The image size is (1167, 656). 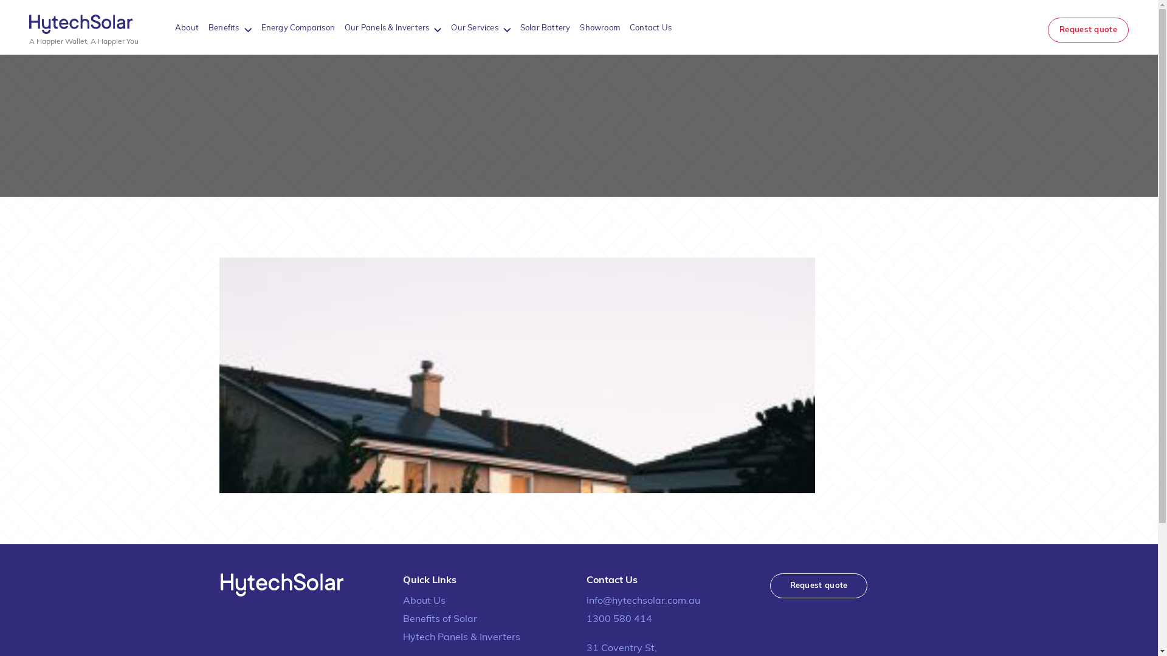 I want to click on 'A Happier Wallet, A Happier You', so click(x=83, y=29).